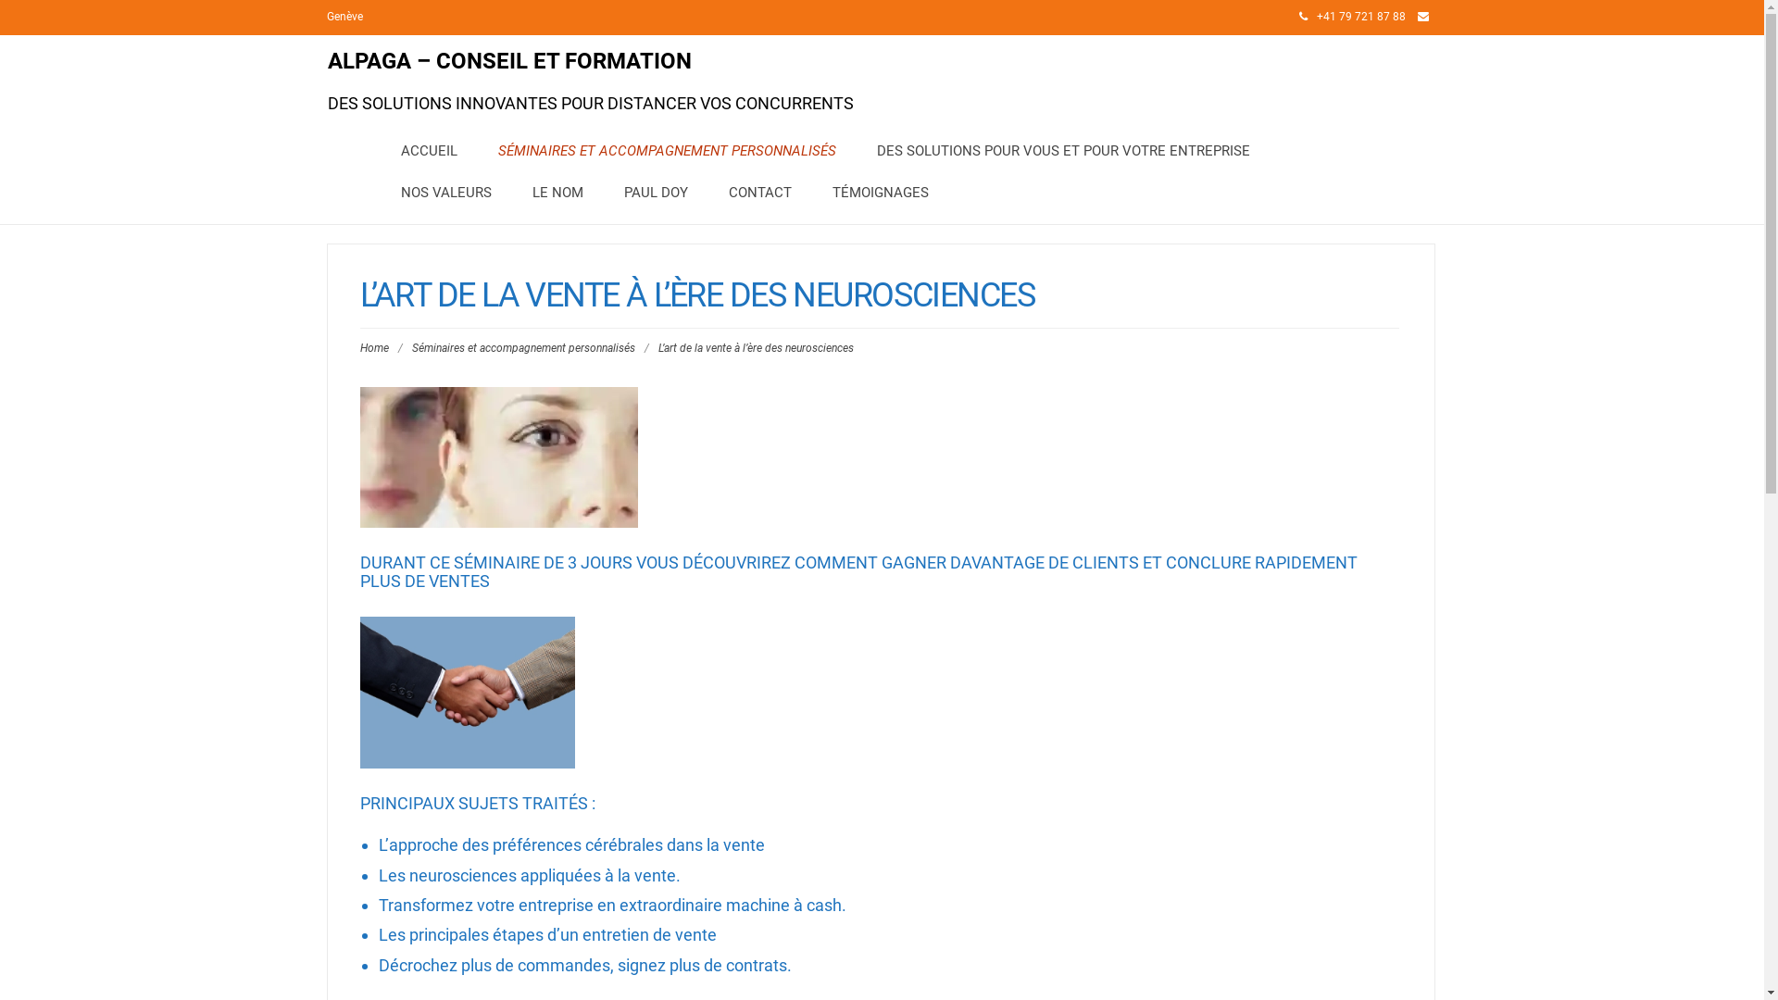 The image size is (1778, 1000). I want to click on 'CONTACT', so click(759, 193).